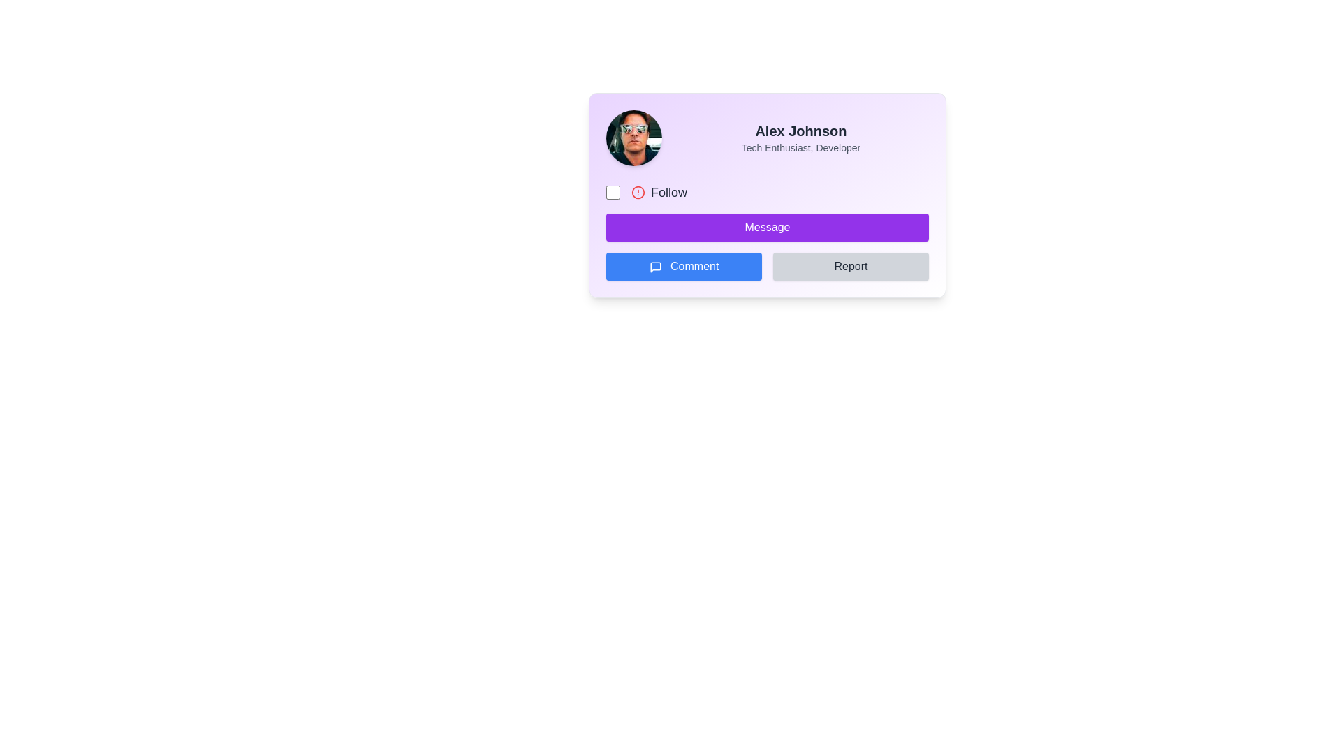  I want to click on the text display element that shows 'Alex Johnson' and 'Tech Enthusiast, Developer', so click(801, 138).